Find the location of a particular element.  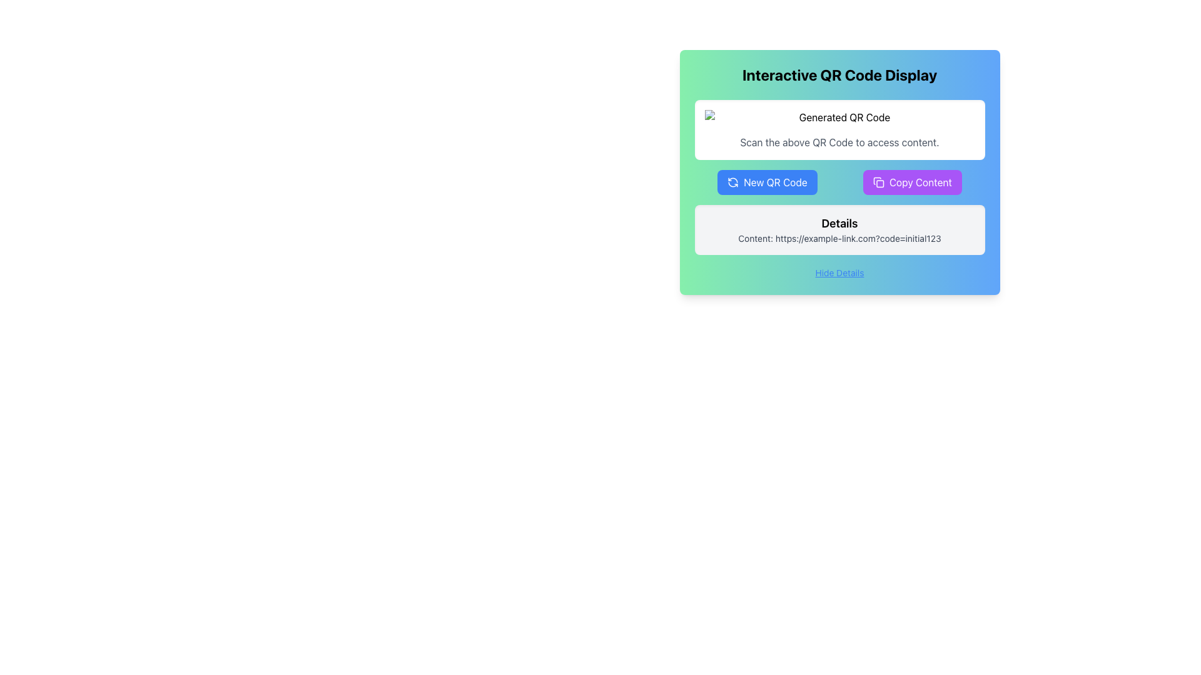

the graphical icon component representing a copy action, located at the top right of the 'Copy Content' button is located at coordinates (879, 184).